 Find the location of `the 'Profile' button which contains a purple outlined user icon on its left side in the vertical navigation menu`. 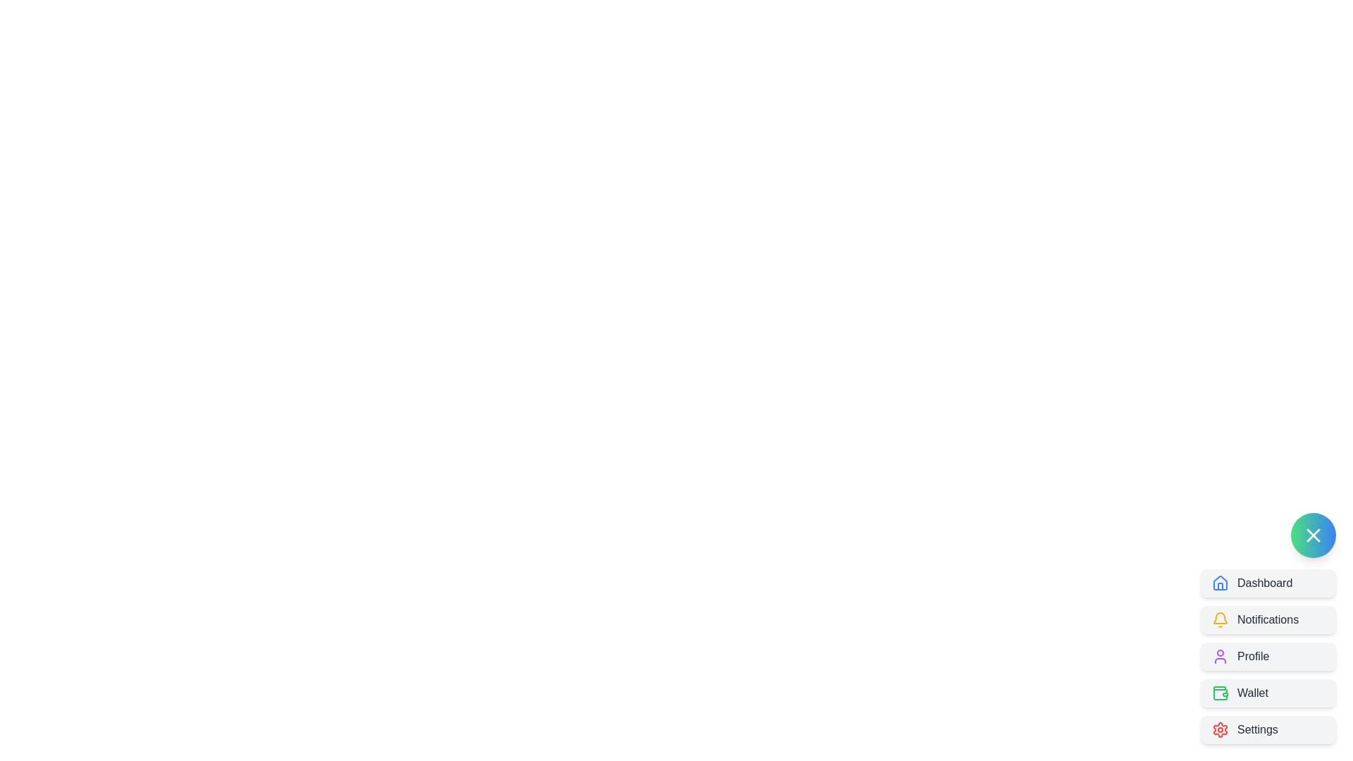

the 'Profile' button which contains a purple outlined user icon on its left side in the vertical navigation menu is located at coordinates (1220, 657).